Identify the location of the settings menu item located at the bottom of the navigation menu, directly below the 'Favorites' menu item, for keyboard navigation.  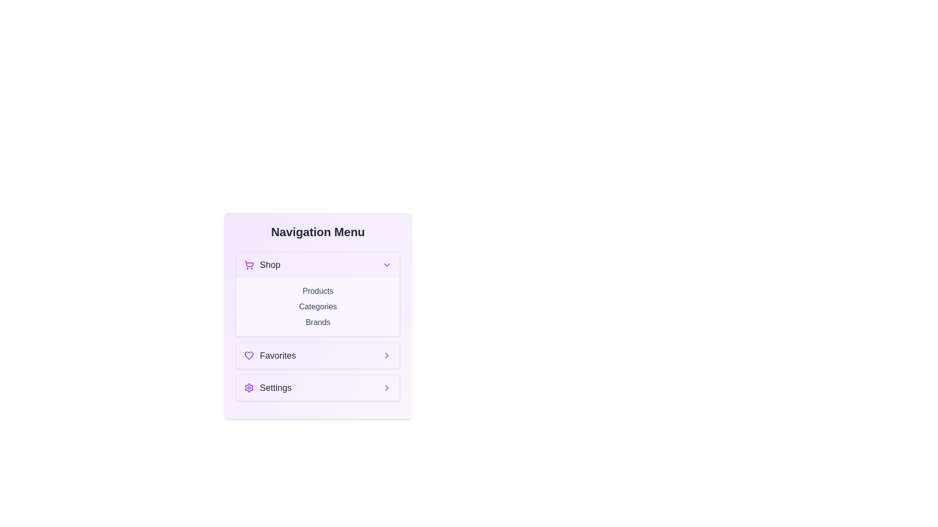
(318, 387).